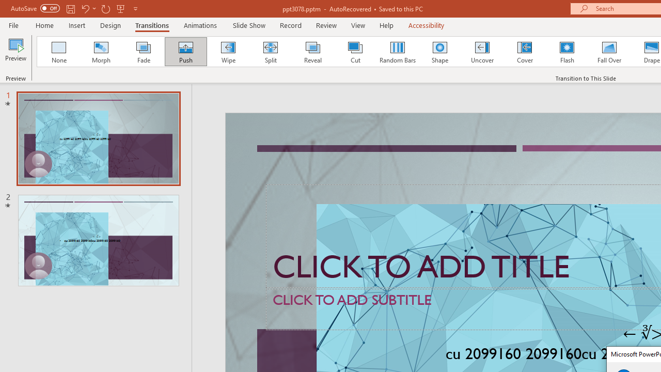  Describe the element at coordinates (312, 52) in the screenshot. I see `'Reveal'` at that location.